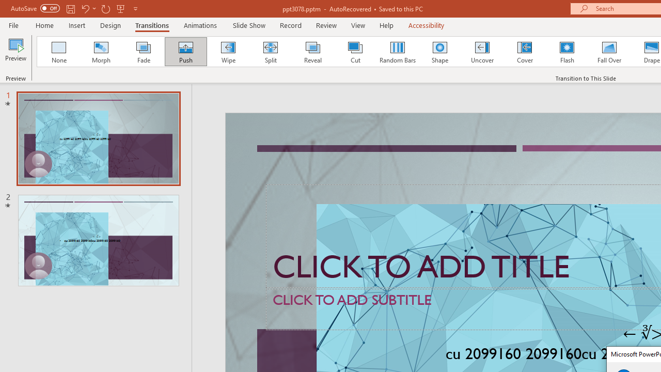  Describe the element at coordinates (312, 52) in the screenshot. I see `'Reveal'` at that location.